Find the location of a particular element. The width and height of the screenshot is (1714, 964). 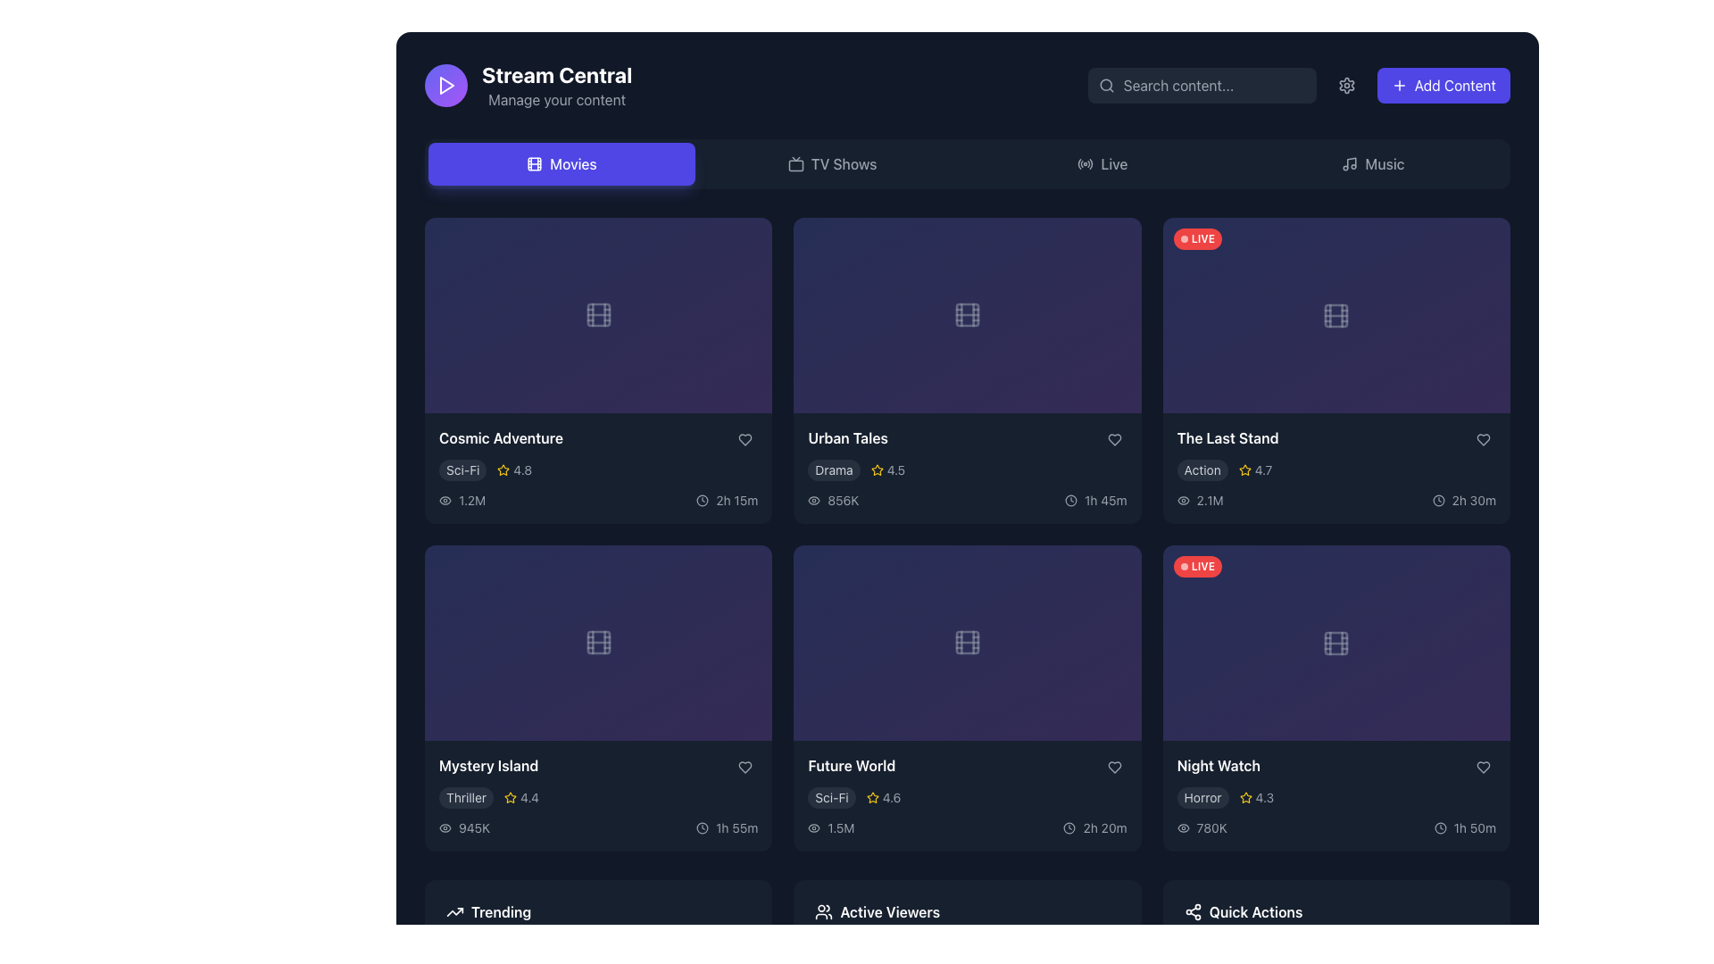

text labeled 'Cosmic Adventure', which is styled in bold white font and located prominently in the top-left corner of the Movies section's first media card is located at coordinates (500, 437).